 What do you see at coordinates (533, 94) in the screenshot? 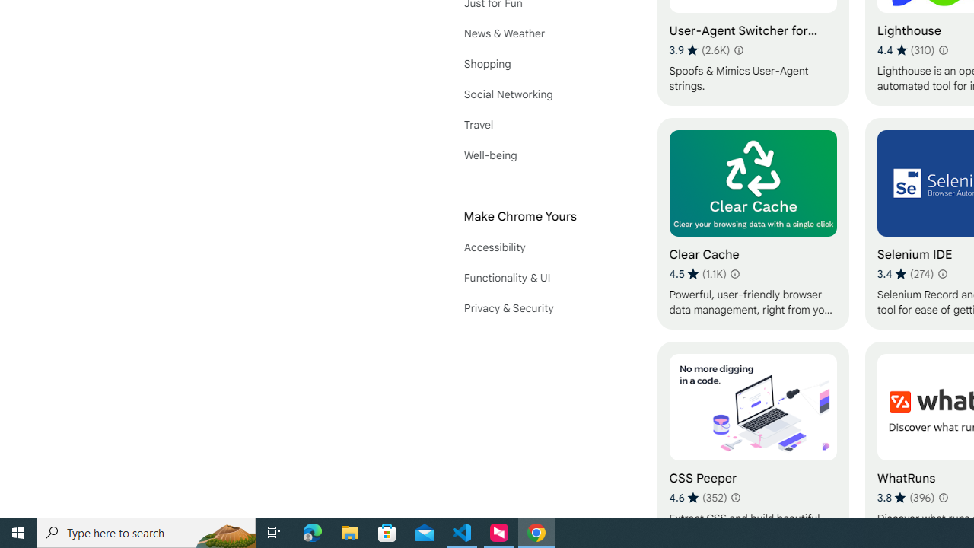
I see `'Social Networking'` at bounding box center [533, 94].